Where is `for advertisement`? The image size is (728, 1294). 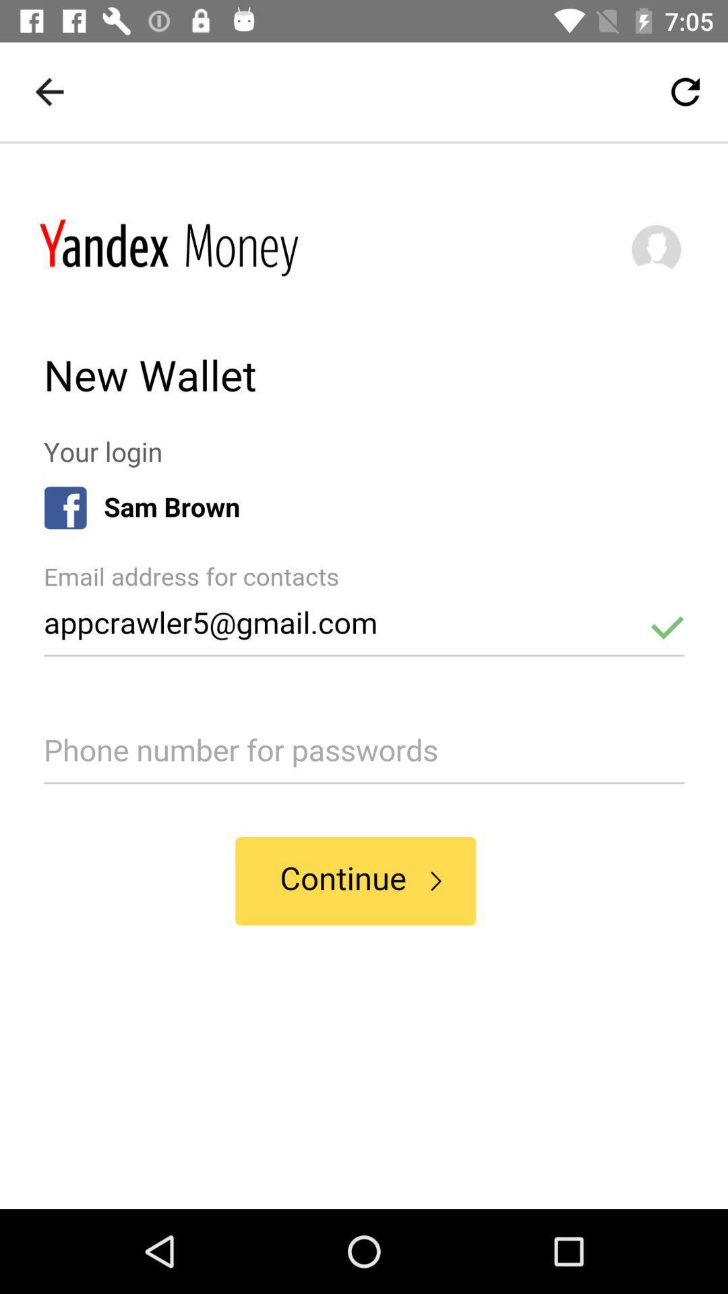
for advertisement is located at coordinates (364, 676).